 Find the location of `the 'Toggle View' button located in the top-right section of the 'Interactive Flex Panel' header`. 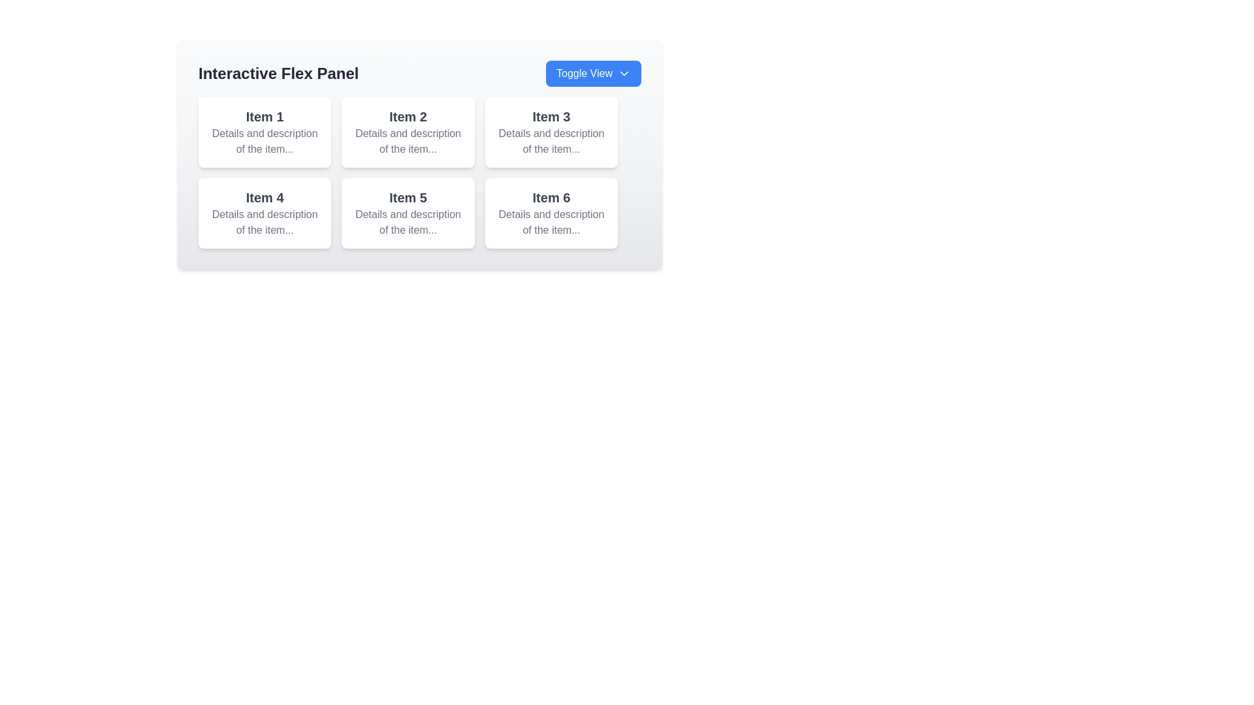

the 'Toggle View' button located in the top-right section of the 'Interactive Flex Panel' header is located at coordinates (592, 73).